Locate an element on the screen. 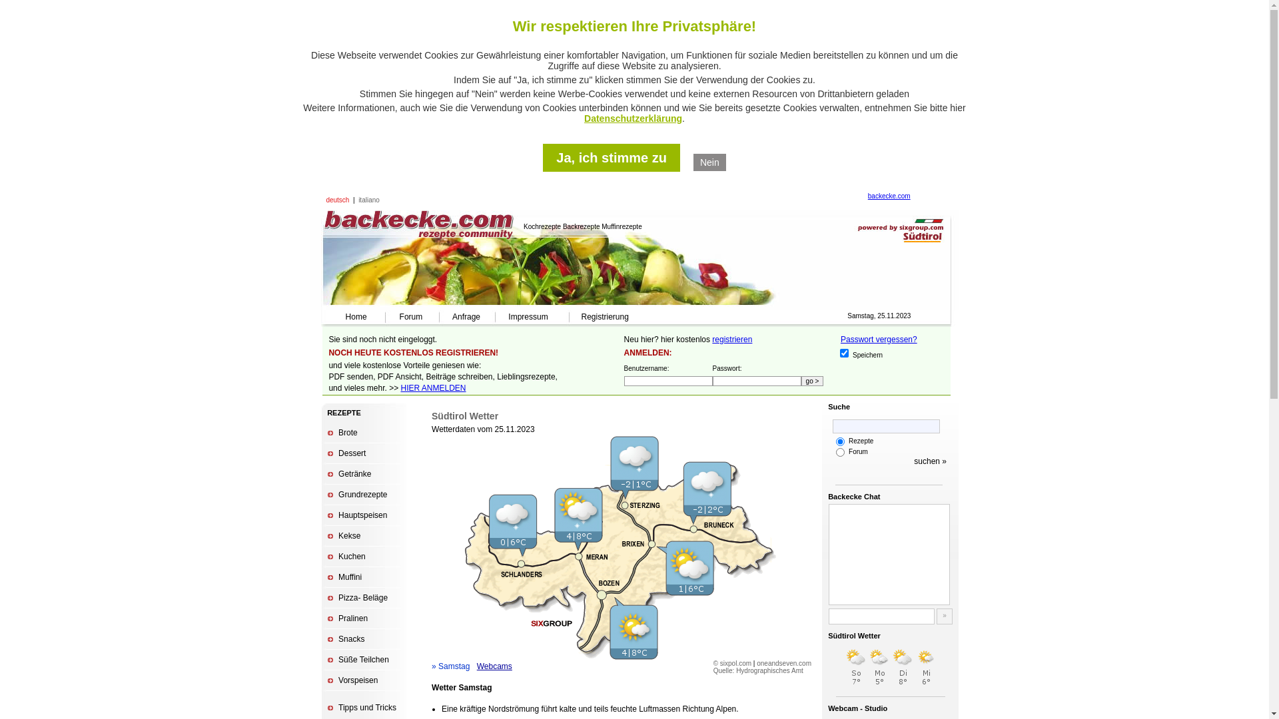 The image size is (1279, 719). 'Kekse' is located at coordinates (349, 535).